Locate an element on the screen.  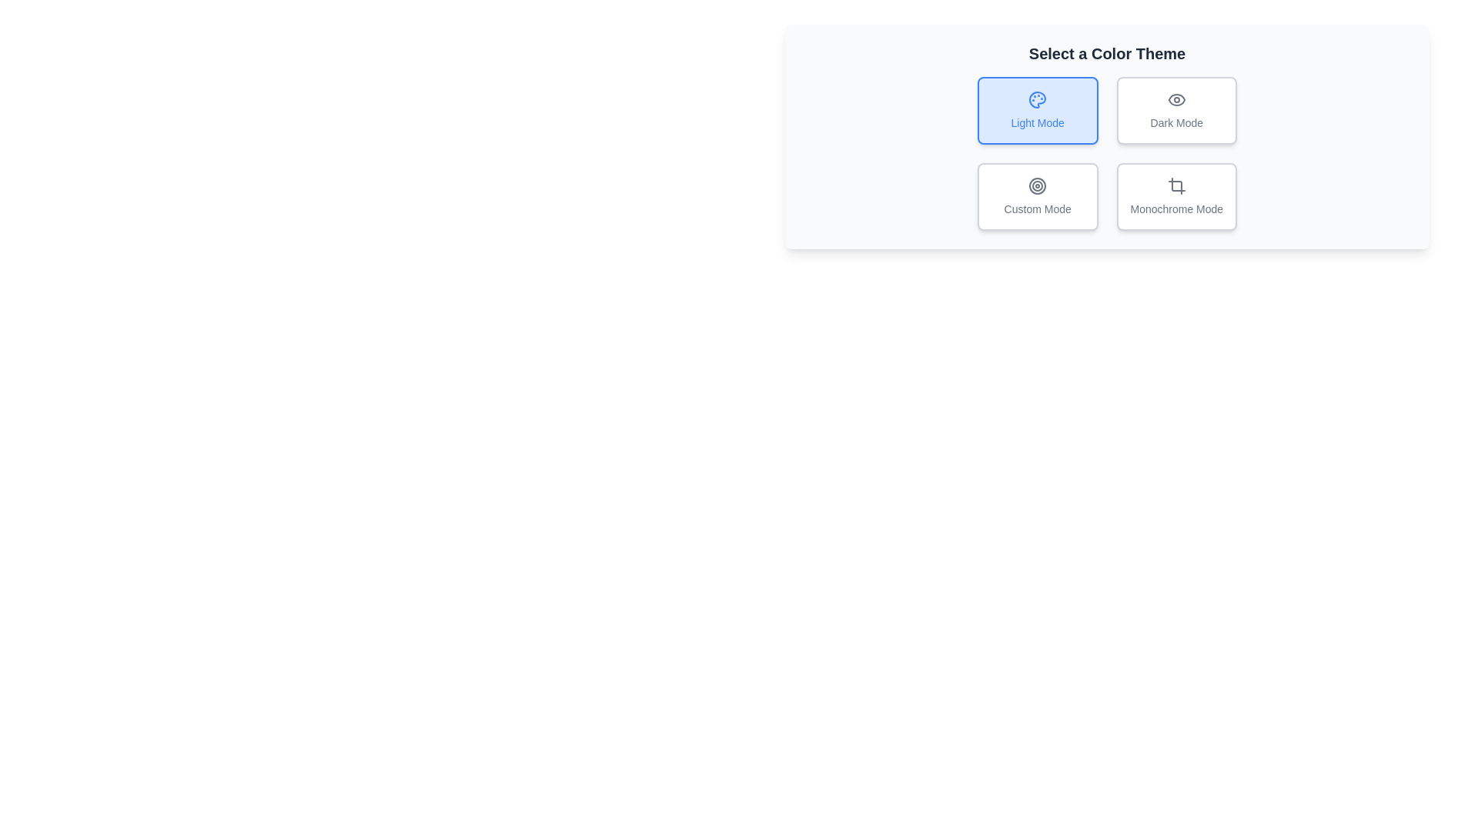
the theme by clicking on the button corresponding to Dark Mode is located at coordinates (1175, 109).